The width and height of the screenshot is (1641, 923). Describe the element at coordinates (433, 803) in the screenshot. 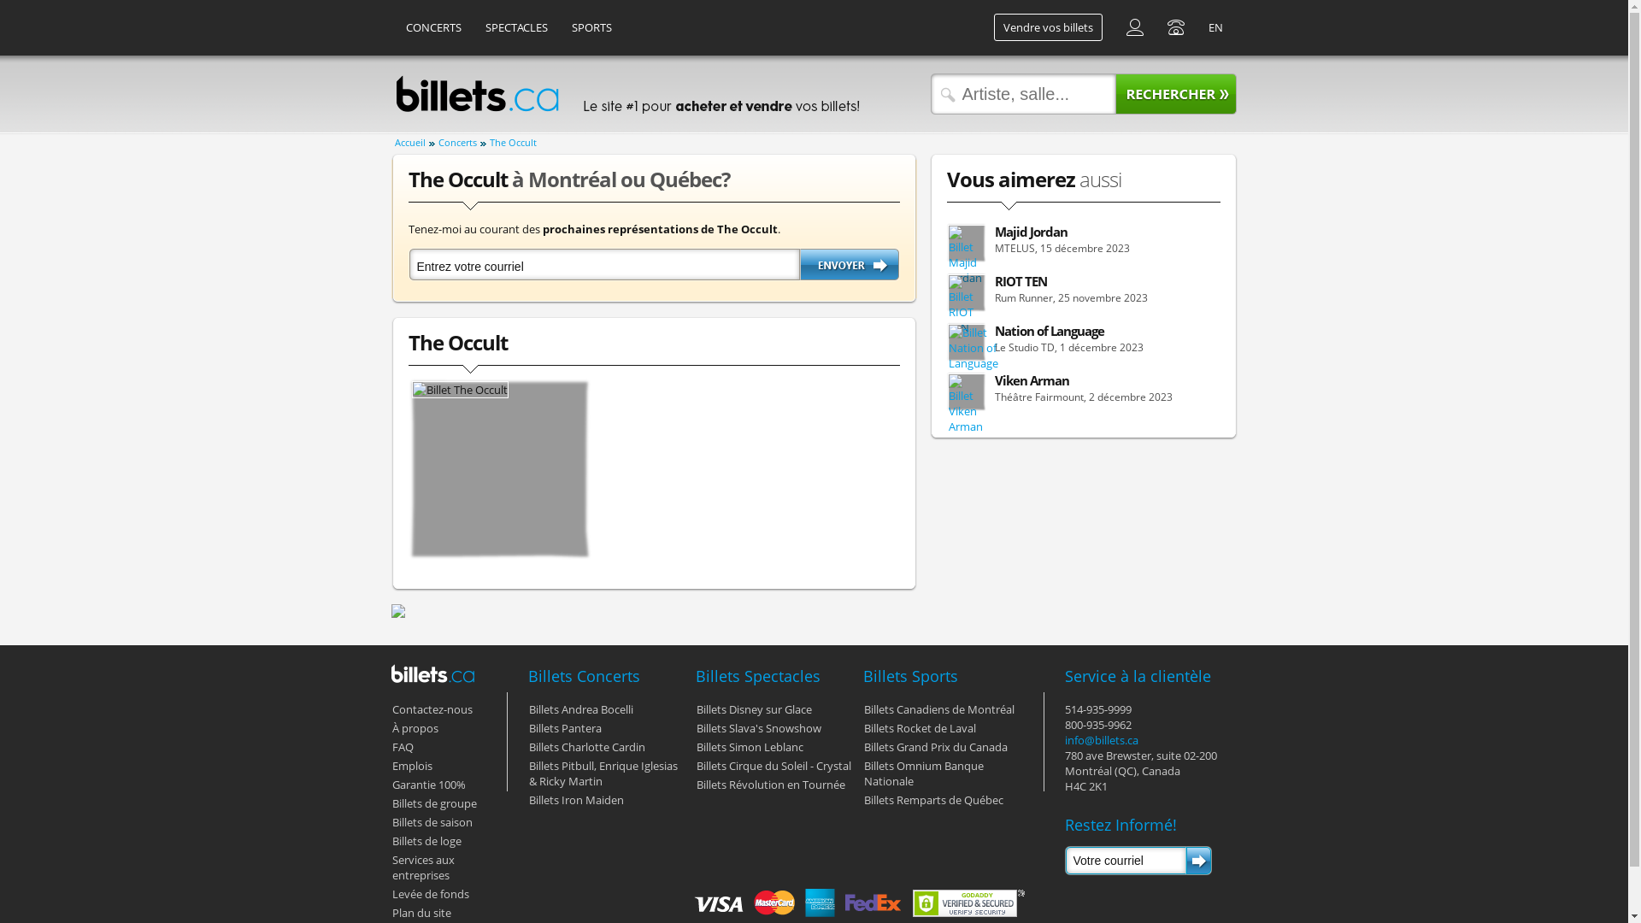

I see `'Billets de groupe'` at that location.